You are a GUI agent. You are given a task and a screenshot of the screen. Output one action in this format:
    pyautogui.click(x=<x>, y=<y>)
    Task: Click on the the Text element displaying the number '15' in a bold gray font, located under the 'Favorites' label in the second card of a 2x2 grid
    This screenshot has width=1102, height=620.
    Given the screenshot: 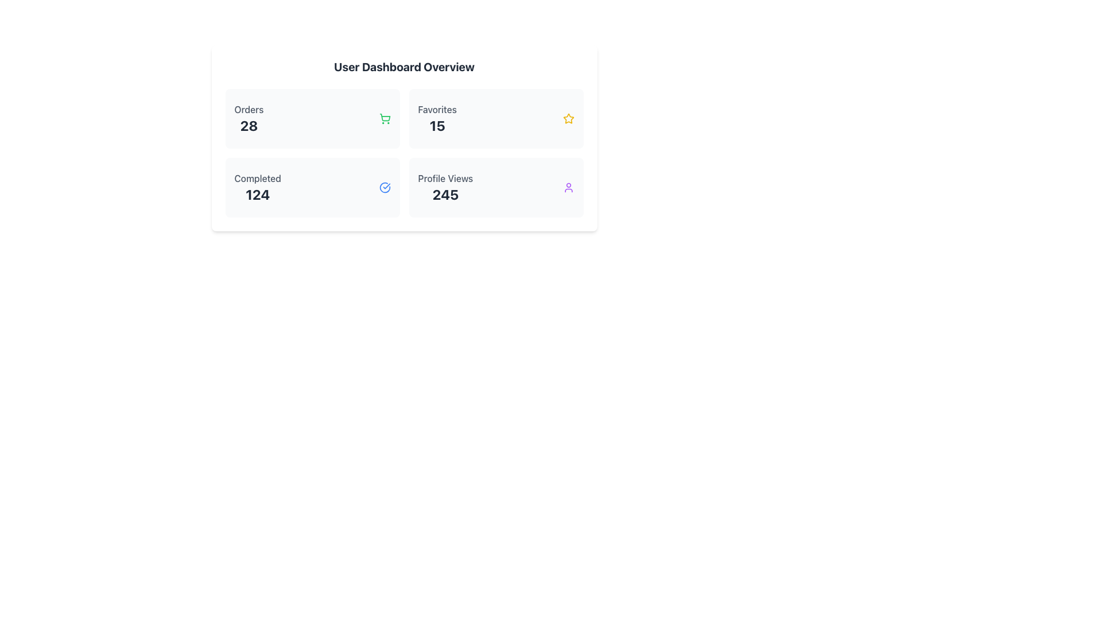 What is the action you would take?
    pyautogui.click(x=437, y=126)
    